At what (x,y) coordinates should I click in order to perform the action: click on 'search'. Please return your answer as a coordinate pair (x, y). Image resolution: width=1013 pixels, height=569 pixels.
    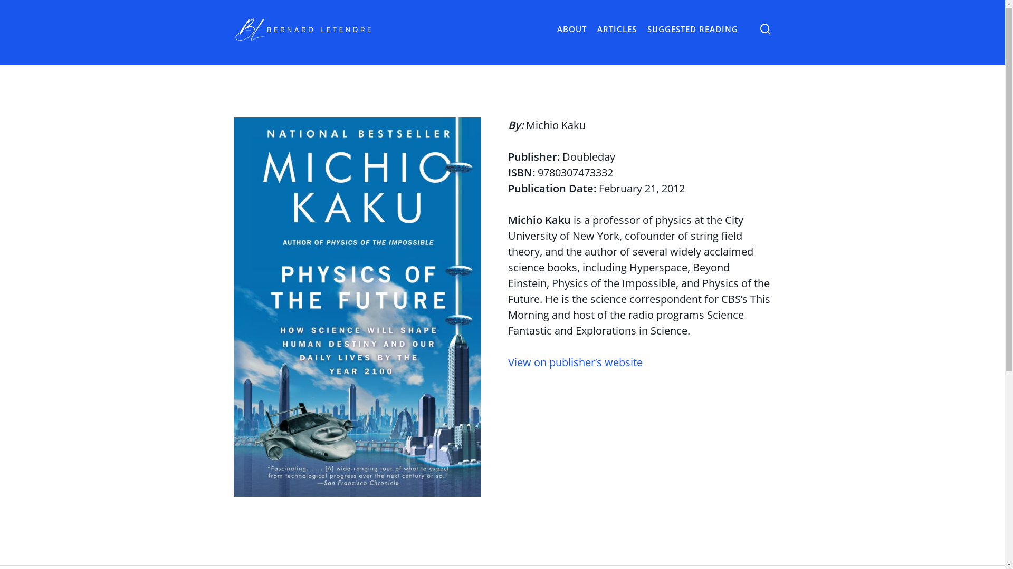
    Looking at the image, I should click on (764, 28).